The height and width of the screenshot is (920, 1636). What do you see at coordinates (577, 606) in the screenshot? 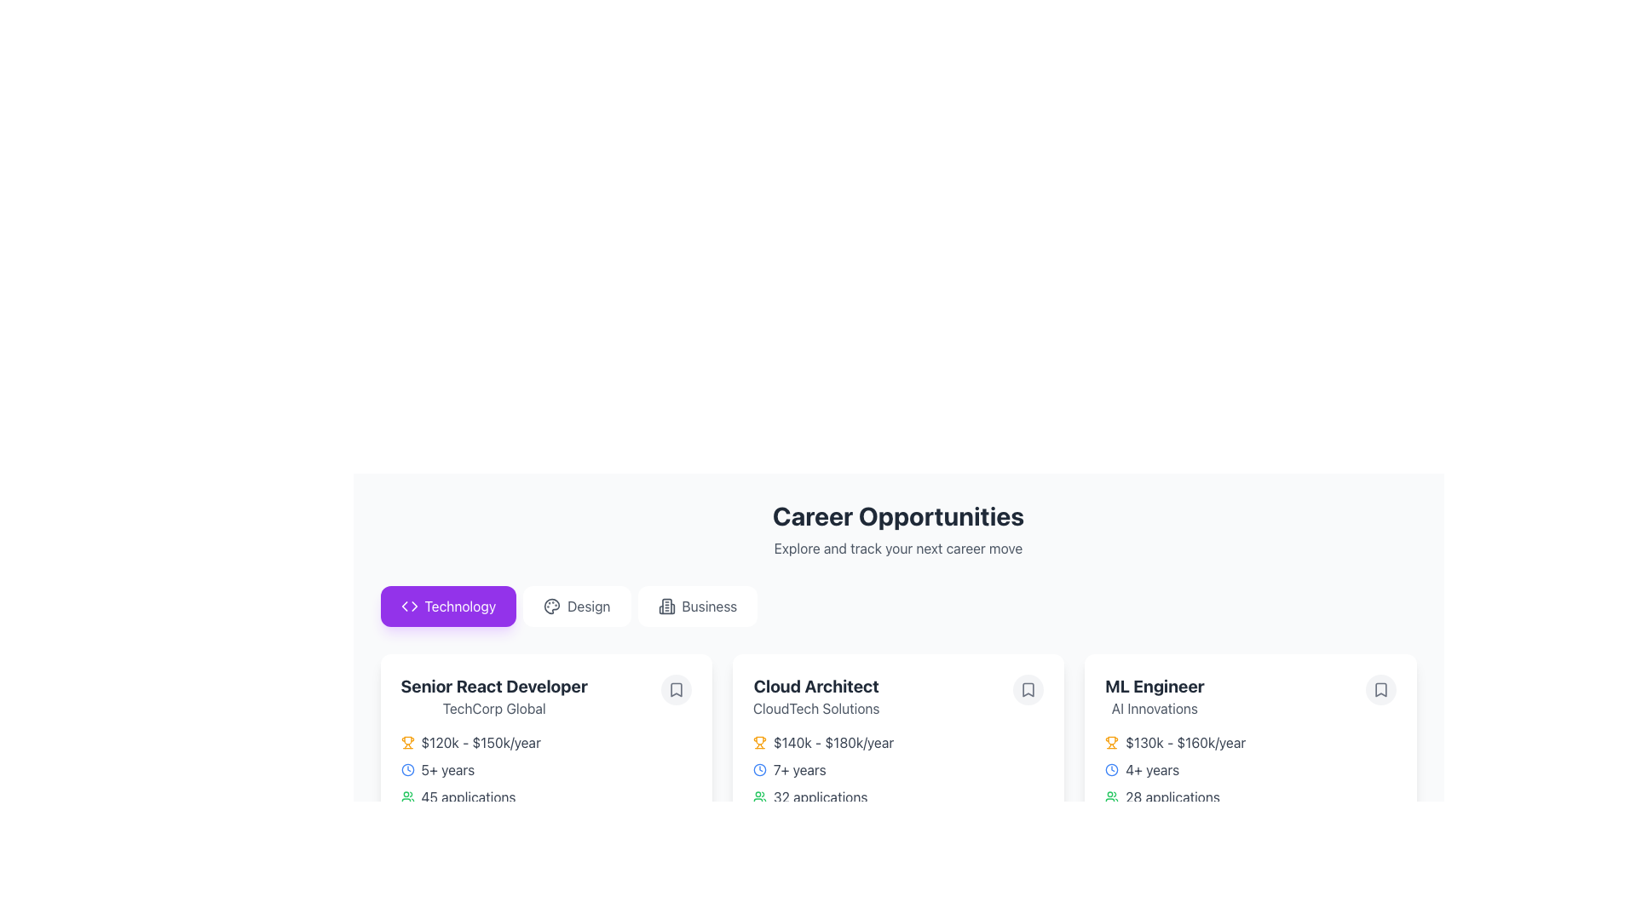
I see `the 'Design' button, which is a horizontally rectangular button with rounded corners, white background, and gray text, located between the 'Technology' and 'Business' buttons` at bounding box center [577, 606].